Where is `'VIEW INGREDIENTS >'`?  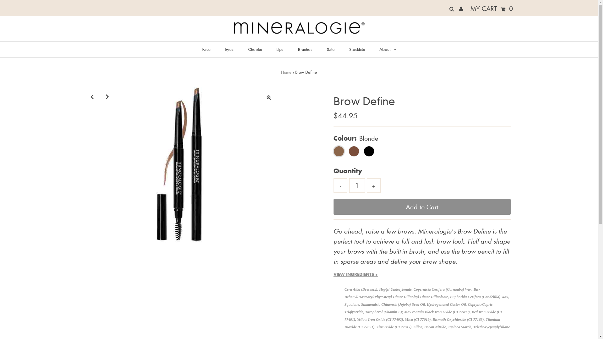
'VIEW INGREDIENTS >' is located at coordinates (356, 274).